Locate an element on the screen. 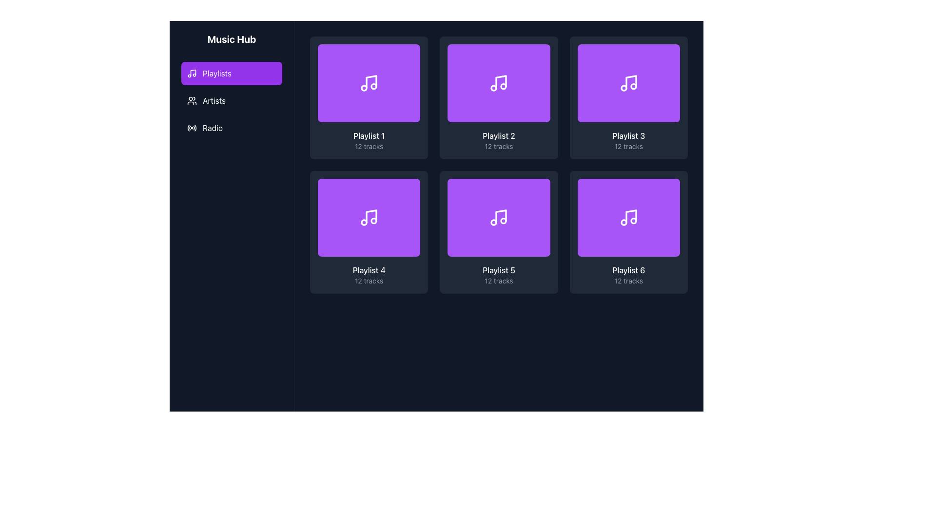 The width and height of the screenshot is (936, 526). the music playlist card located at the bottom-right corner of the grid, which is the sixth item in the grid of playlist cards is located at coordinates (628, 232).